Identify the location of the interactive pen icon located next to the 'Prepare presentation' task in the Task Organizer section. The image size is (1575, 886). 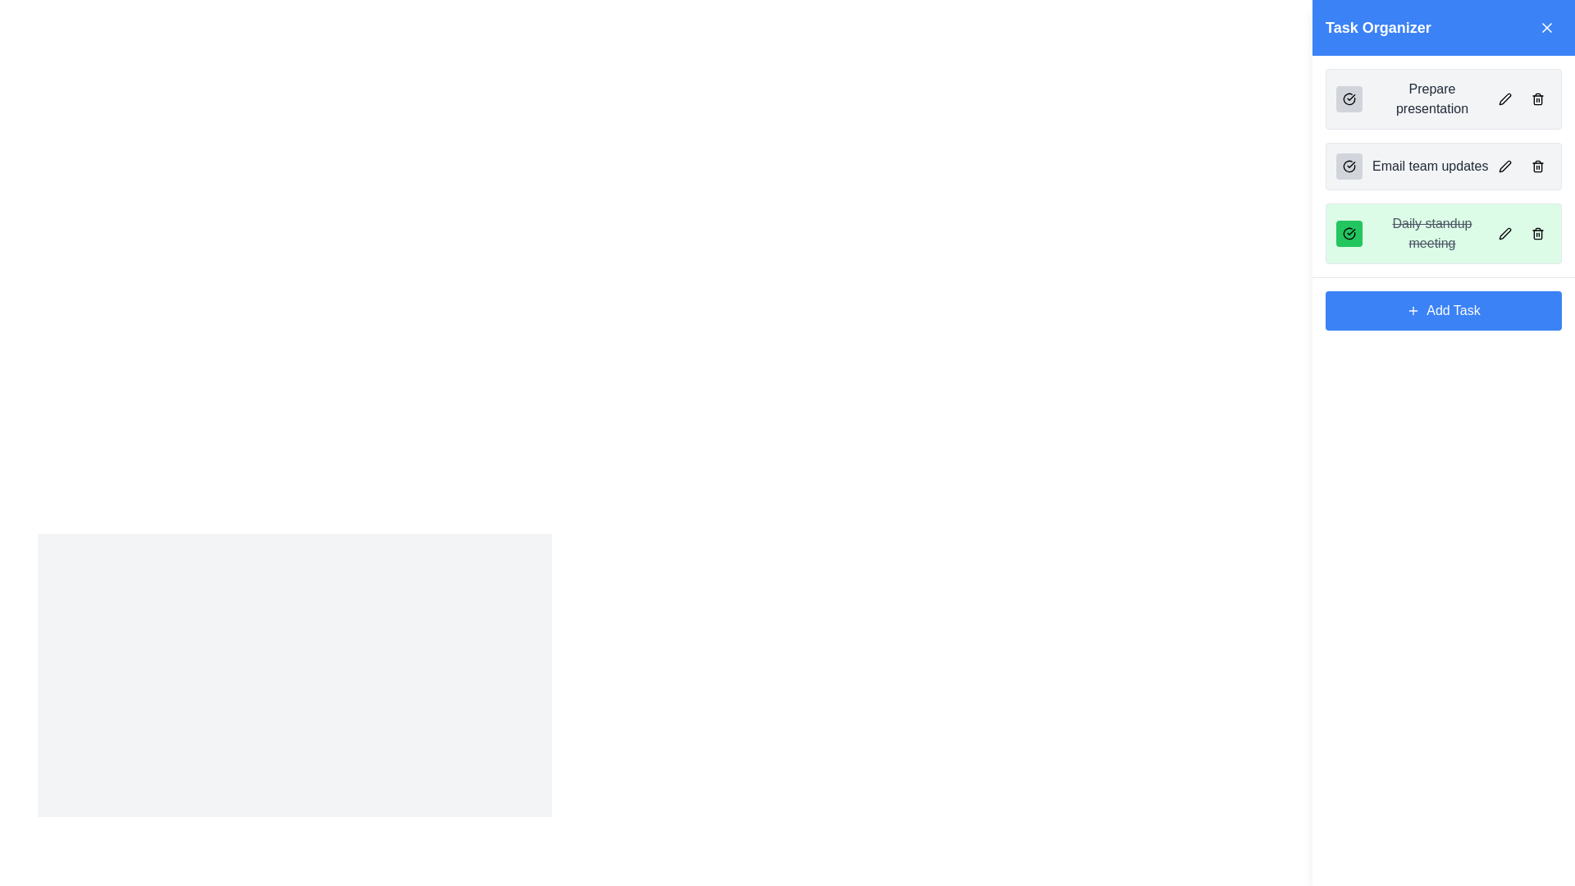
(1504, 98).